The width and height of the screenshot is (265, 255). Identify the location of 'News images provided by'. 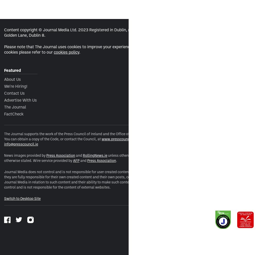
(25, 155).